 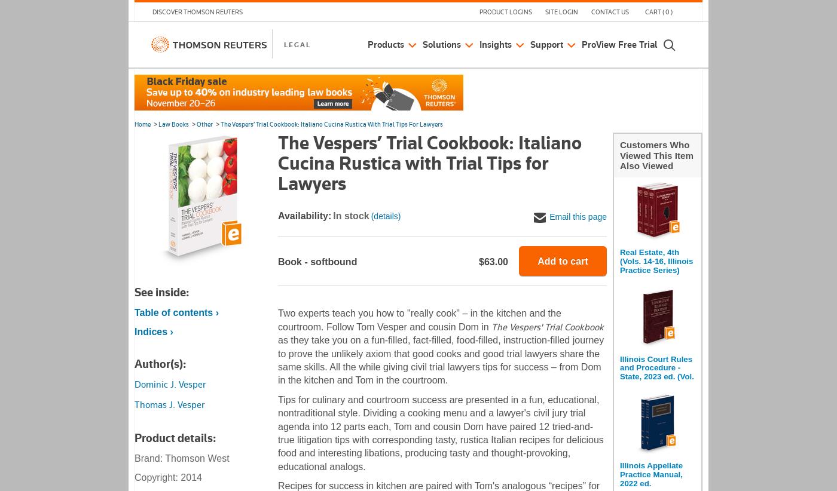 What do you see at coordinates (651, 474) in the screenshot?
I see `'Illinois Appellate Practice Manual, 2022 ed.'` at bounding box center [651, 474].